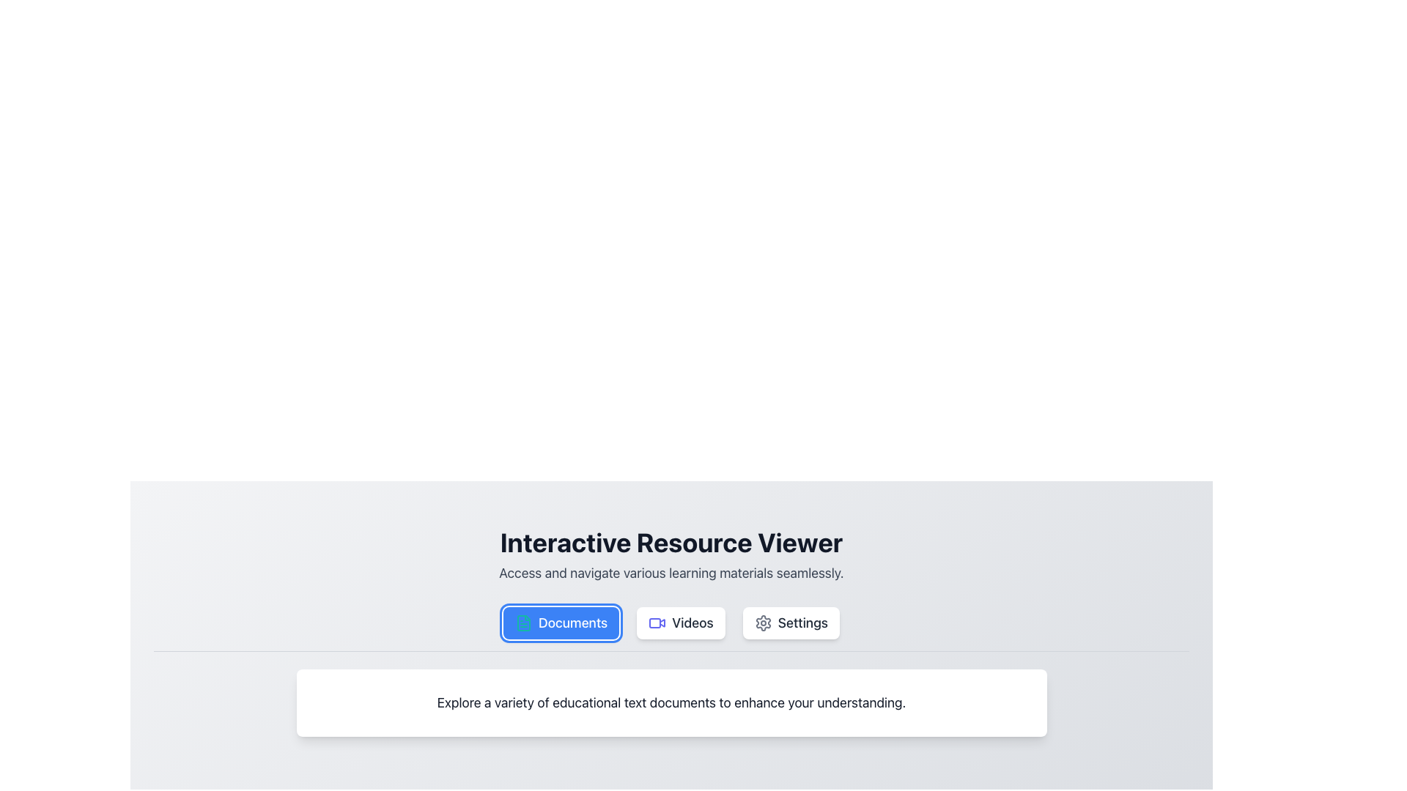 The width and height of the screenshot is (1407, 791). Describe the element at coordinates (561, 623) in the screenshot. I see `the blue 'Documents' button with a white text icon, located in the bottom navigation bar` at that location.